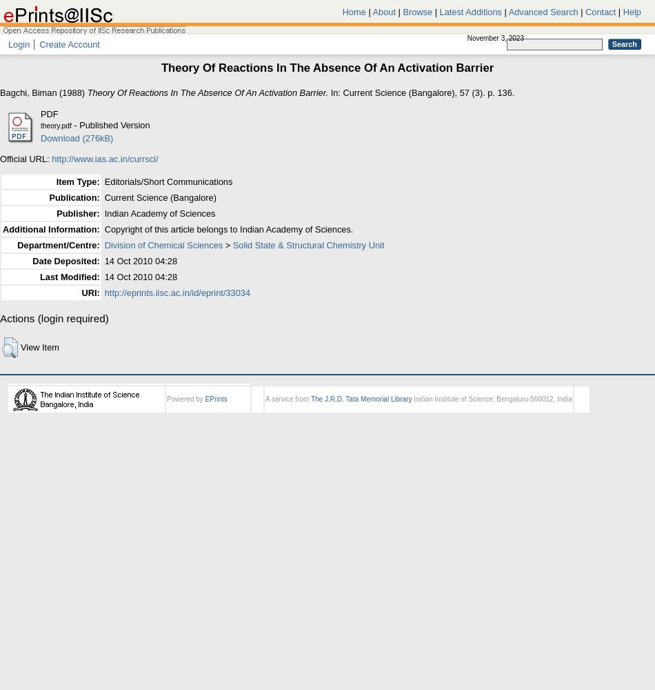  I want to click on 'Download (276kB)', so click(77, 137).